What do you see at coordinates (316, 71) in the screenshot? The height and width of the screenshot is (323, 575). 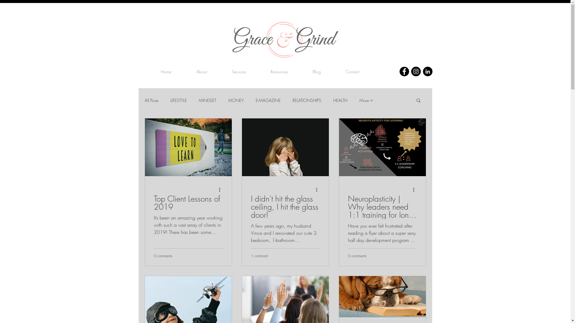 I see `'Blog'` at bounding box center [316, 71].